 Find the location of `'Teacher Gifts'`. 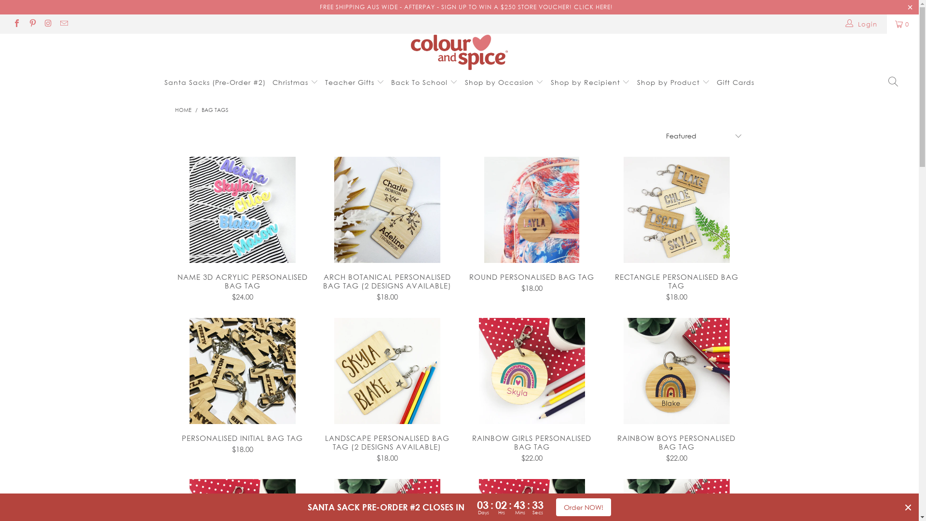

'Teacher Gifts' is located at coordinates (354, 81).